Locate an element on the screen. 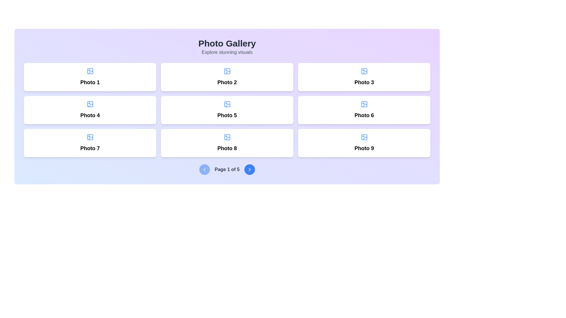 The image size is (566, 318). the image card labeled 'Photo 3', which is the third item in the grid layout, located in the first row is located at coordinates (364, 77).